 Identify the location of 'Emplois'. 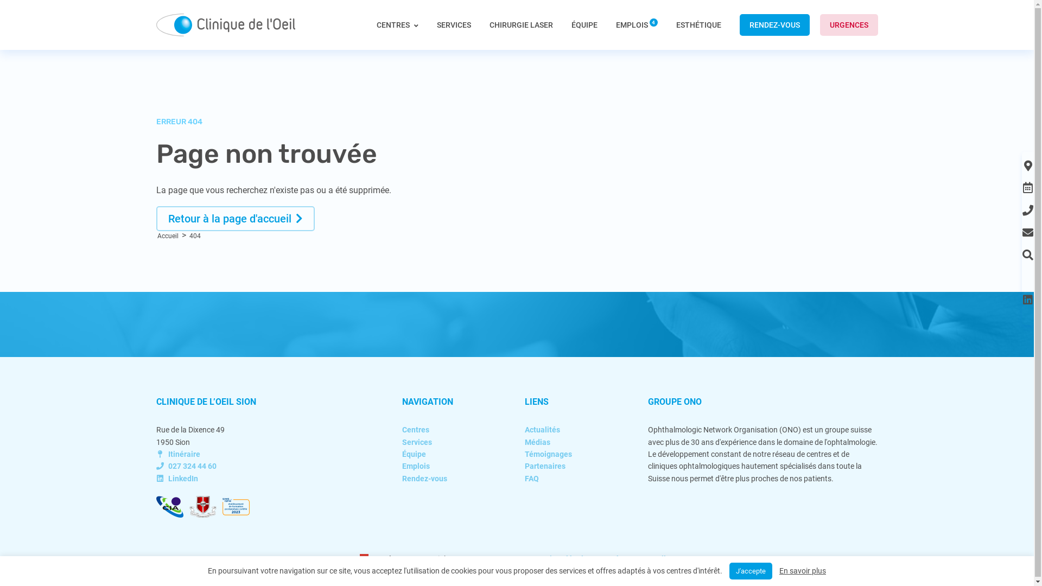
(415, 466).